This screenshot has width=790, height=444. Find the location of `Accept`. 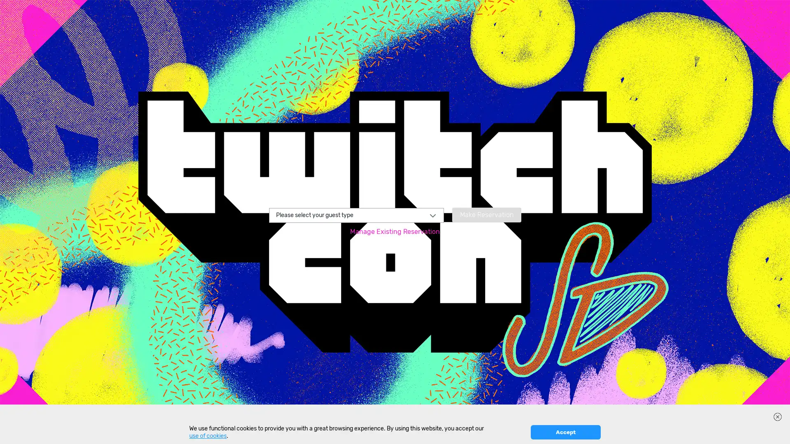

Accept is located at coordinates (565, 432).